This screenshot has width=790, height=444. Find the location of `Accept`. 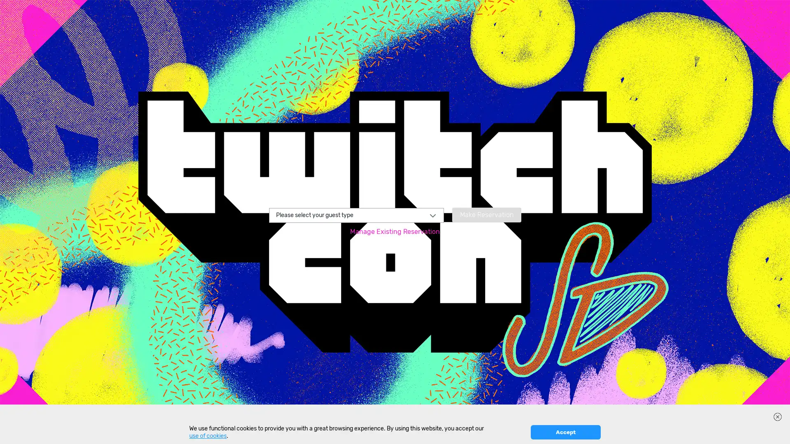

Accept is located at coordinates (565, 432).